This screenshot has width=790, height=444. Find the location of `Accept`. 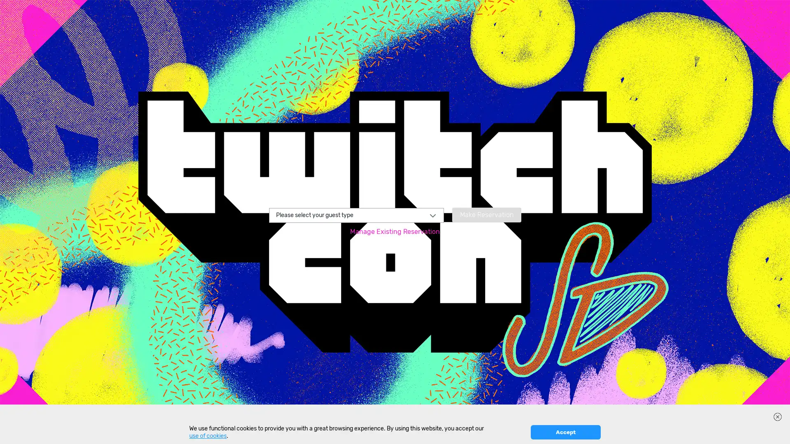

Accept is located at coordinates (565, 432).